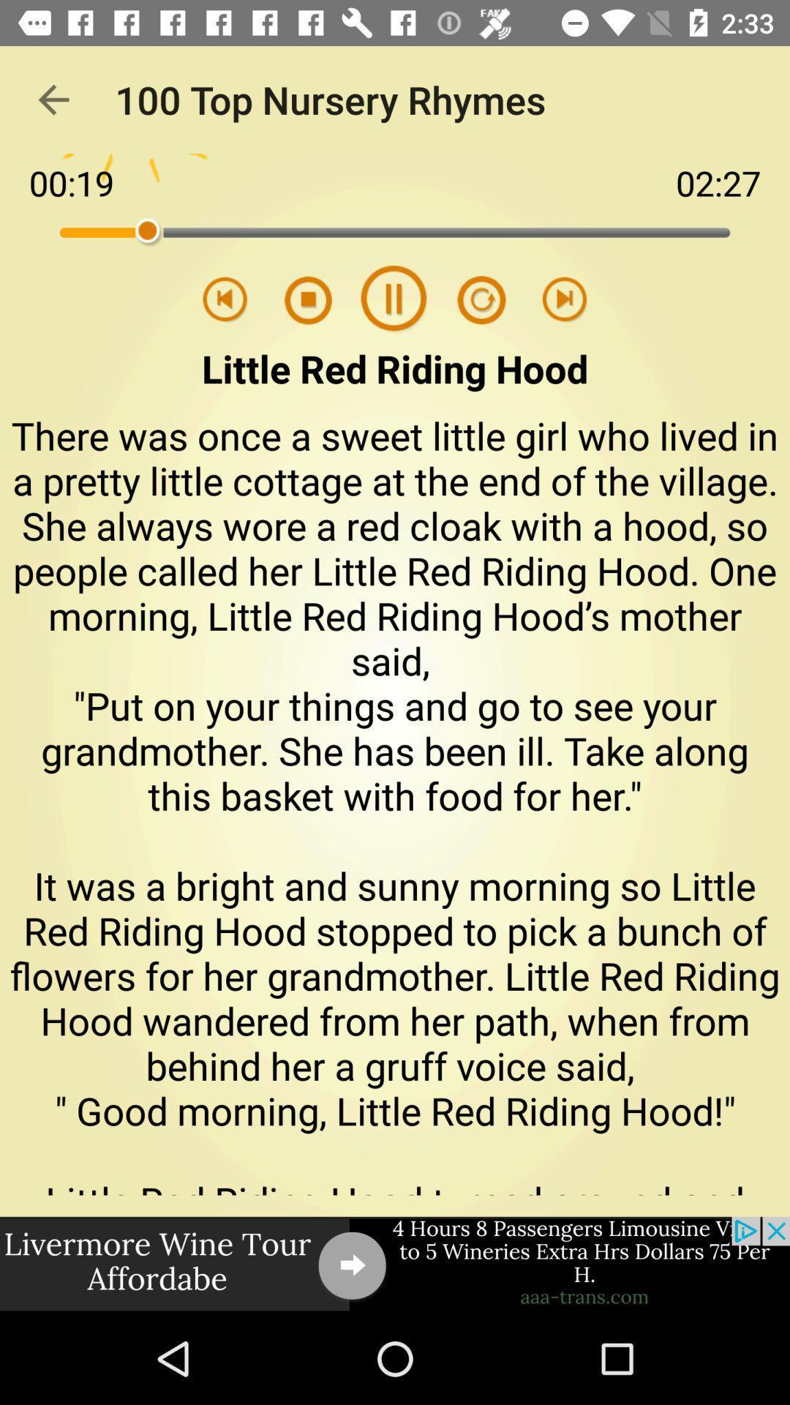  I want to click on the skip_next icon, so click(564, 299).